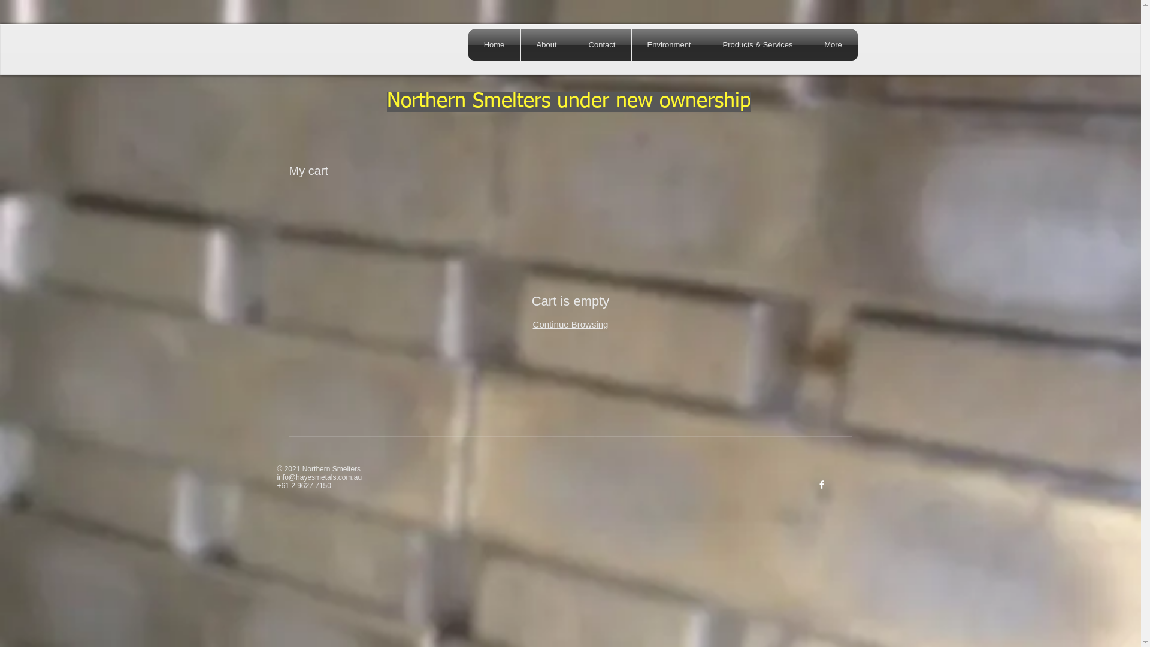 The image size is (1150, 647). Describe the element at coordinates (756, 44) in the screenshot. I see `'Products & Services'` at that location.